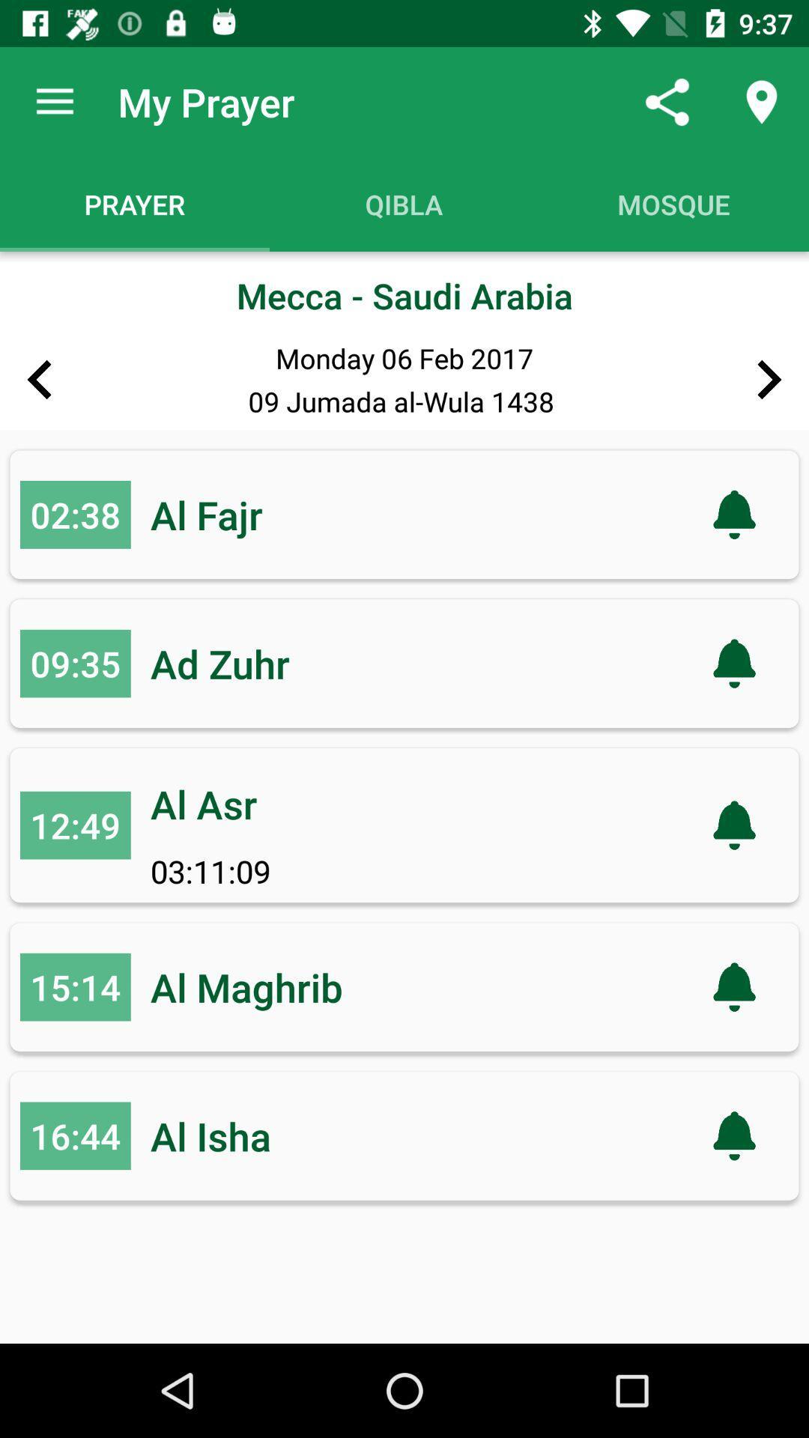  I want to click on the symbol which is beside al fajr, so click(733, 515).